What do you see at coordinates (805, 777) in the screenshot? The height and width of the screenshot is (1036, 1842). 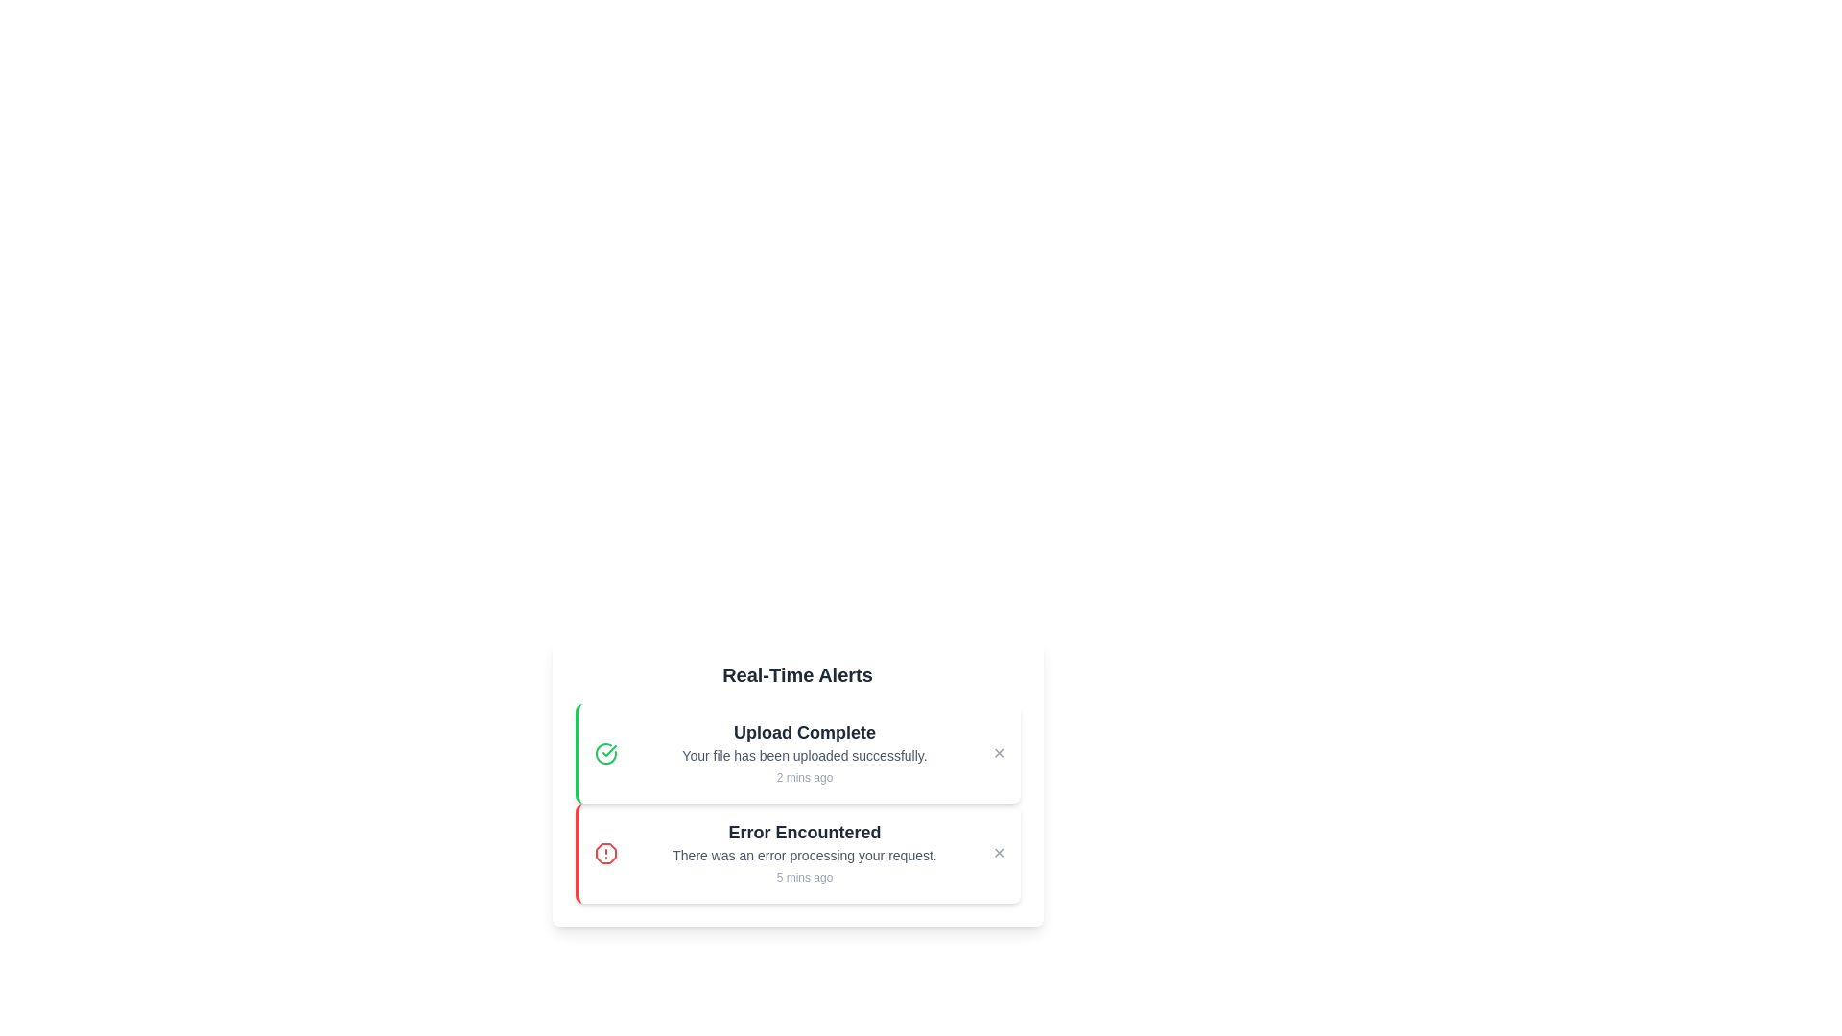 I see `the text label displaying '2 mins ago' which is located below the notification message 'Your file has been uploaded successfully.'` at bounding box center [805, 777].